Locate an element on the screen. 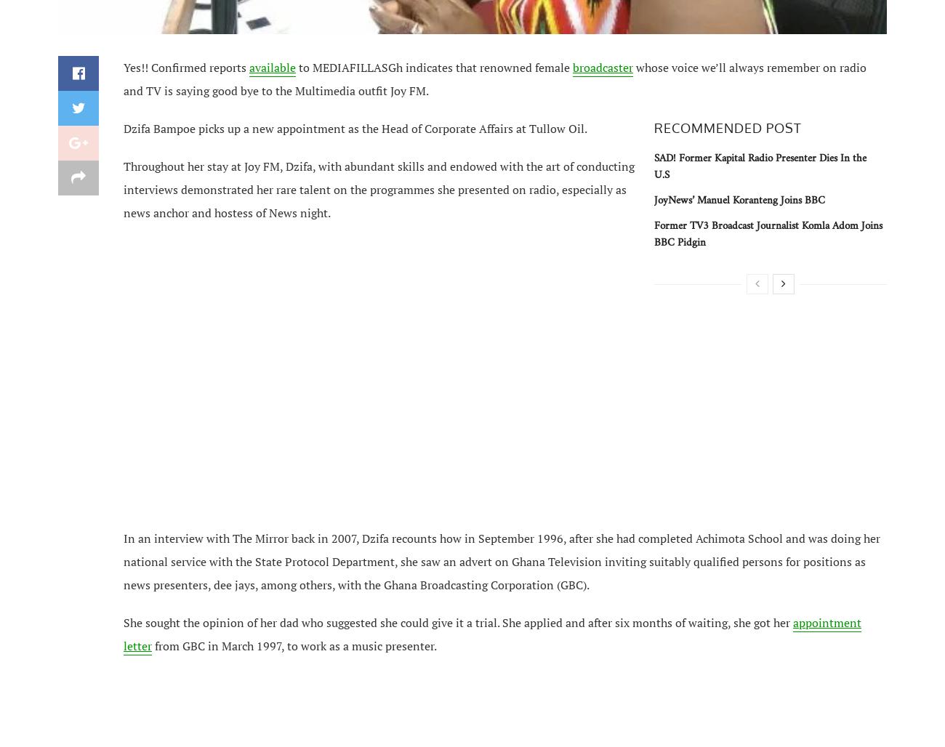 The width and height of the screenshot is (945, 747). 'Yes!! Confirmed reports' is located at coordinates (185, 66).